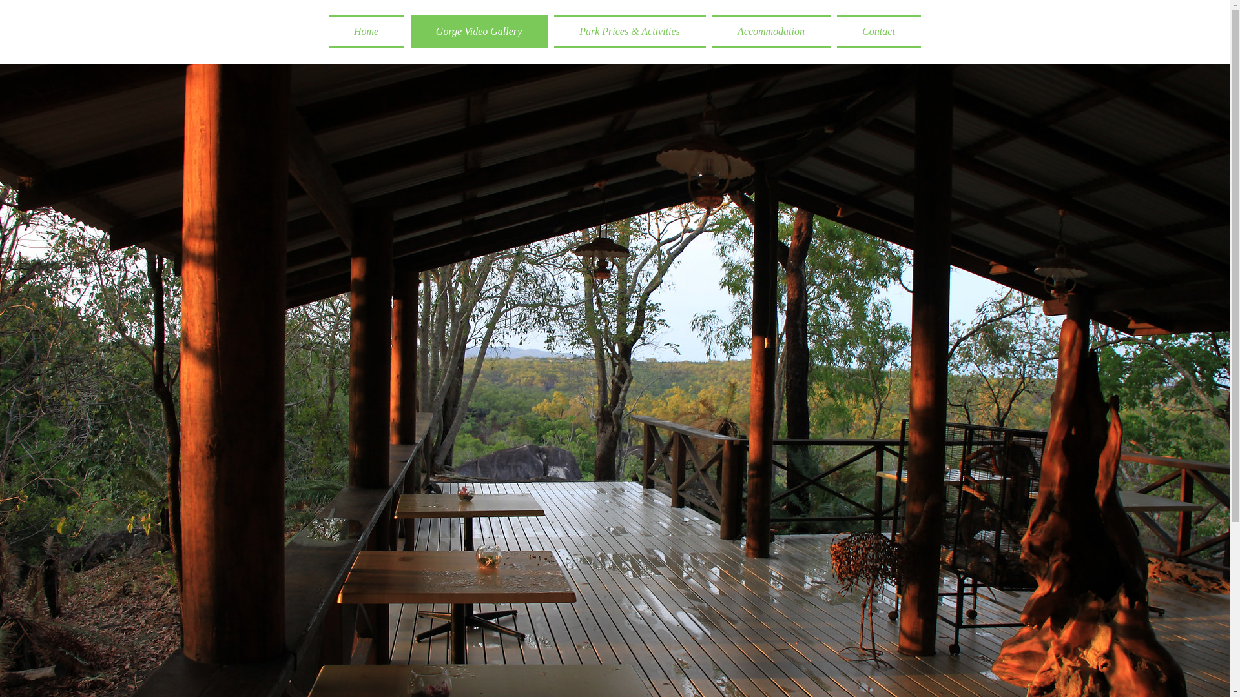  I want to click on 'Gorge Video Gallery', so click(477, 31).